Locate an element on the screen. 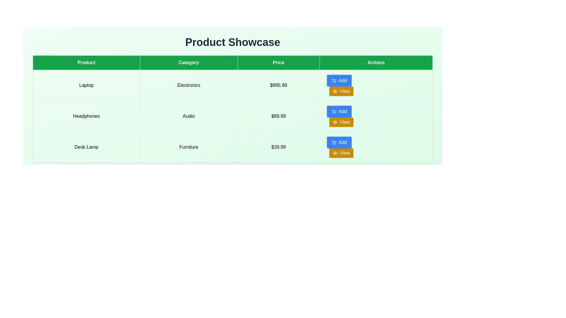 This screenshot has height=318, width=566. the rectangular button with a yellow background and white text reading 'View', located in the 'Actions' column of the table row for the 'Headphones' product is located at coordinates (341, 122).